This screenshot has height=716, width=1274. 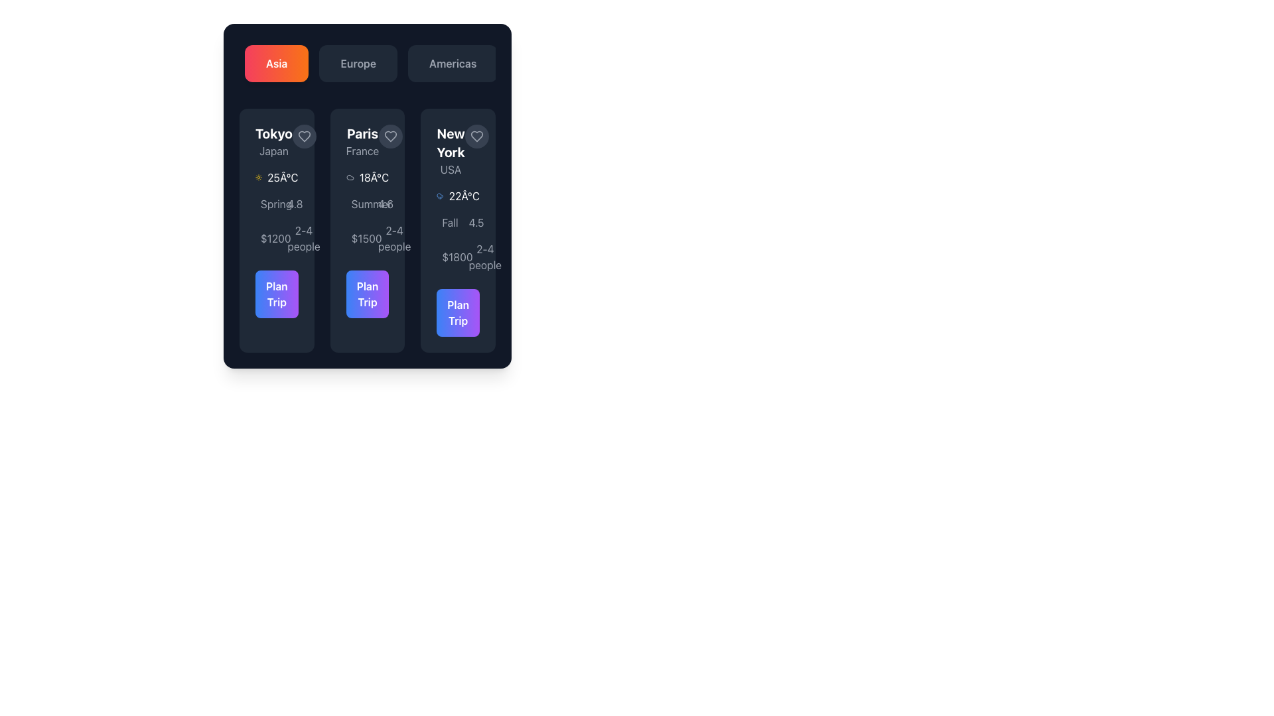 I want to click on the Text Label with Icon indicating group size, located below the '$1800' price label in the 'New York' card, so click(x=471, y=257).